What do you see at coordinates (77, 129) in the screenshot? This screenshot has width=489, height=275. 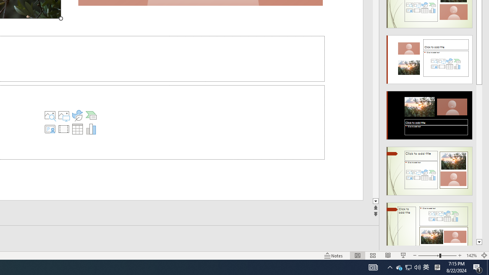 I see `'Insert Table'` at bounding box center [77, 129].